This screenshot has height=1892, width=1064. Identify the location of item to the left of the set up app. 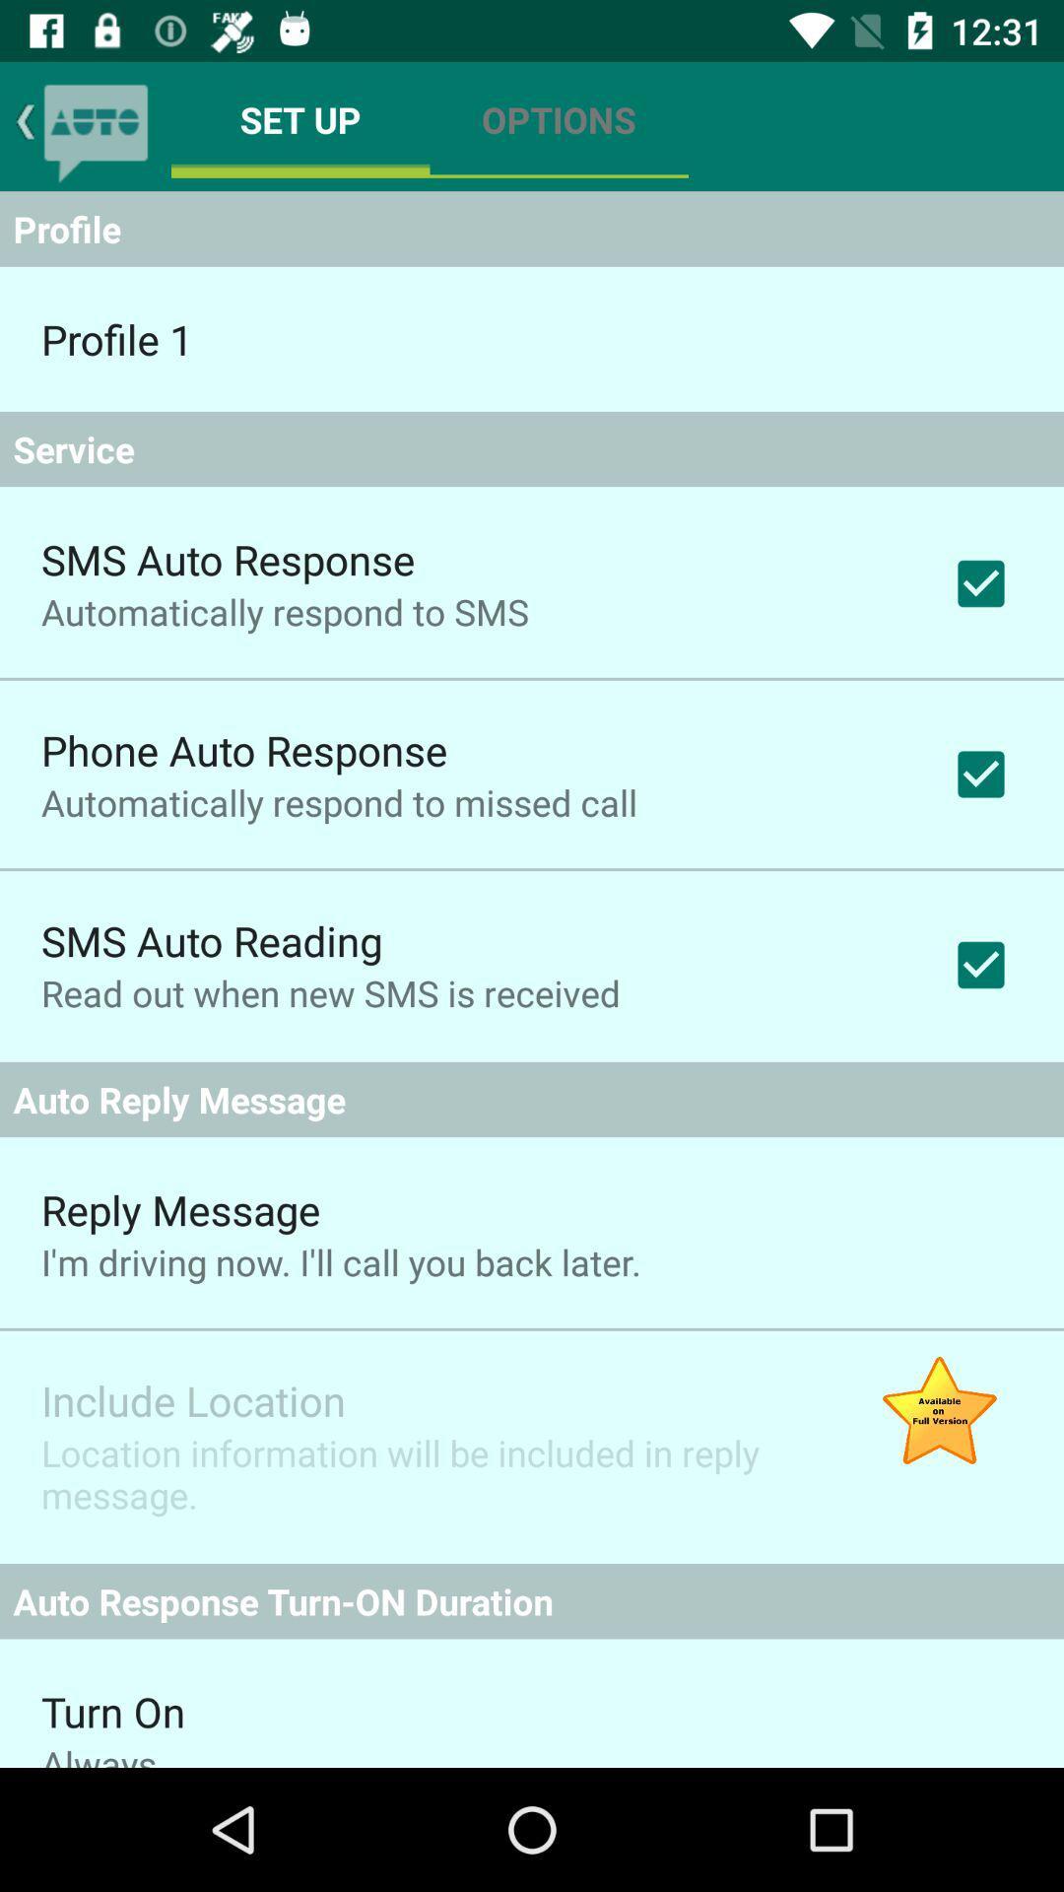
(96, 125).